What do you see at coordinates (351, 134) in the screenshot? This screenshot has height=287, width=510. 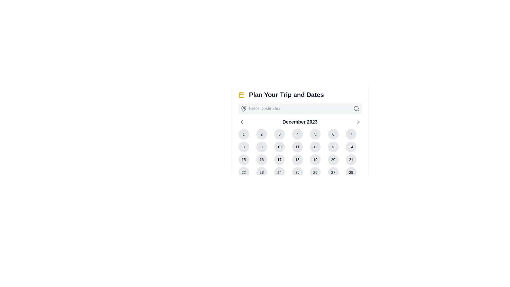 I see `the button that allows the user` at bounding box center [351, 134].